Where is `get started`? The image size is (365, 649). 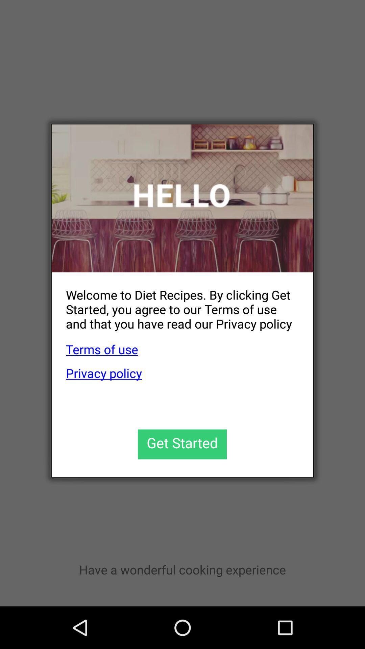 get started is located at coordinates (182, 444).